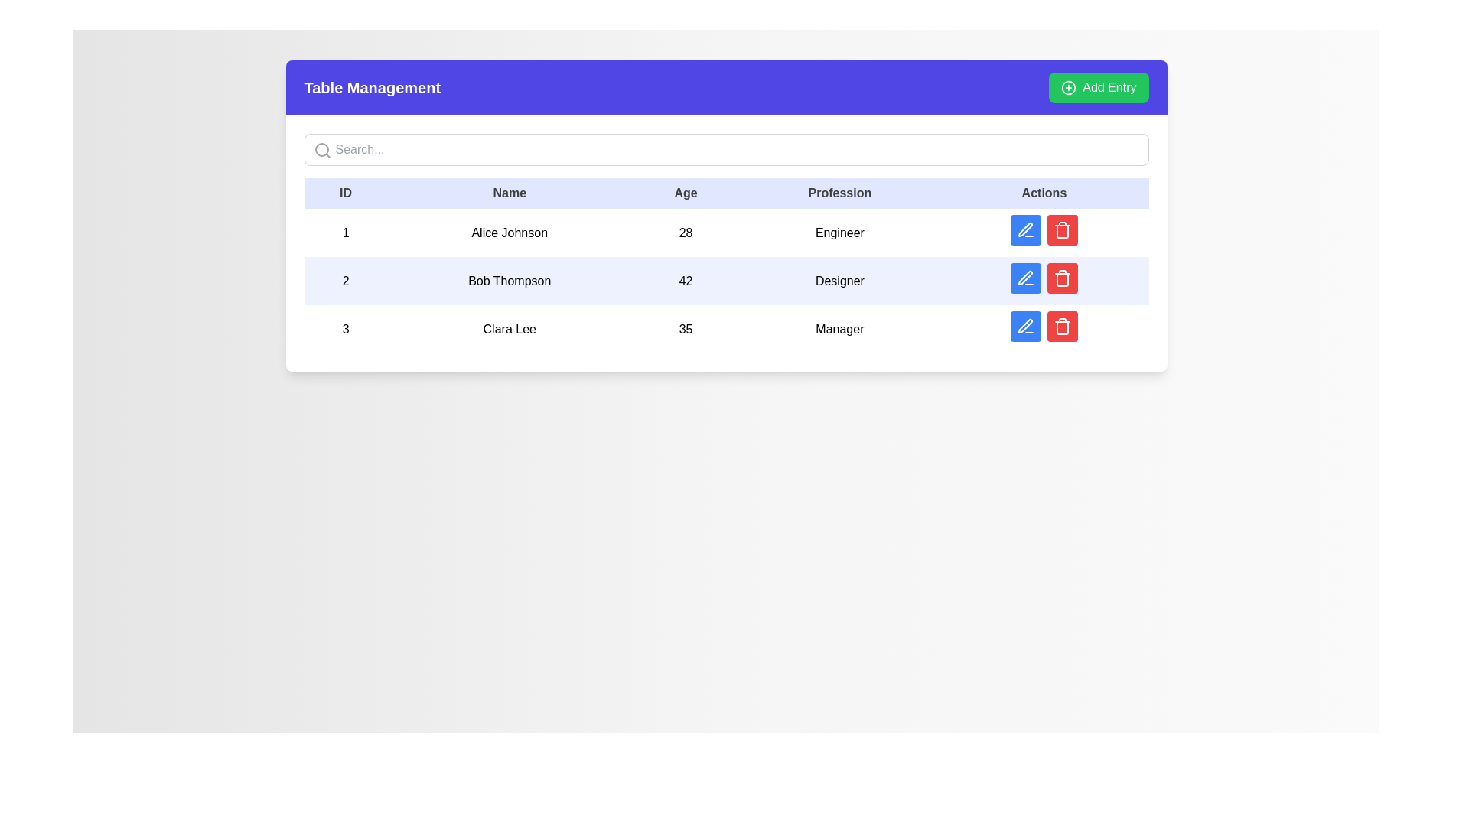 The height and width of the screenshot is (826, 1469). What do you see at coordinates (1068, 88) in the screenshot?
I see `the circular Icon component with a visible border located within the 'Add Entry' button` at bounding box center [1068, 88].